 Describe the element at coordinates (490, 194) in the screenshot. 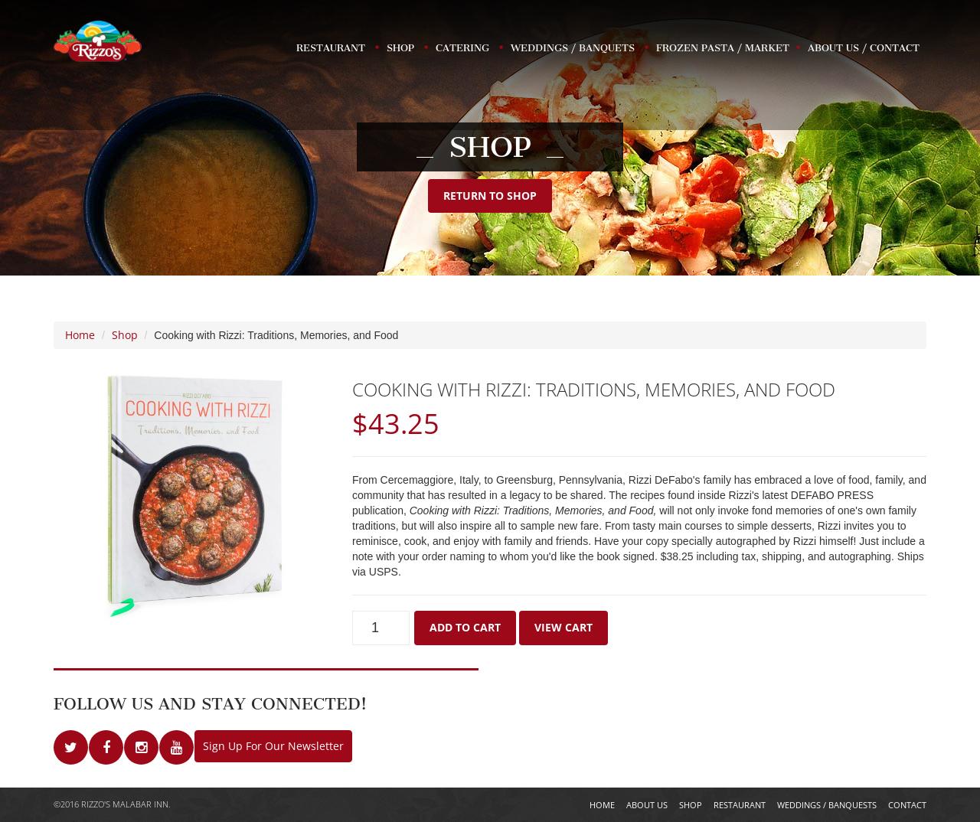

I see `'Return to Shop'` at that location.